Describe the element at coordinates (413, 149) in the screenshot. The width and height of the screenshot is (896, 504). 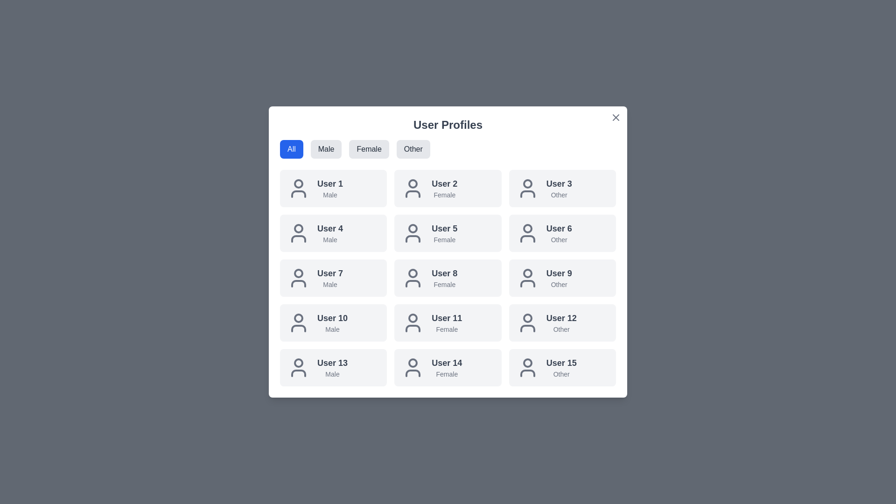
I see `the gender filter button labeled Other` at that location.